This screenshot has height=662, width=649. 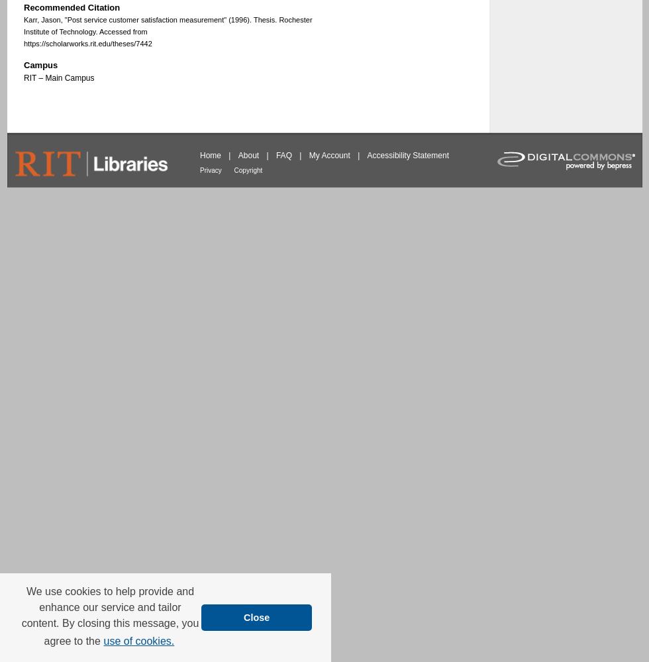 I want to click on 'use of cookies.', so click(x=138, y=639).